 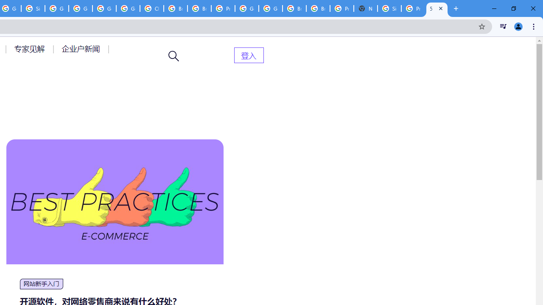 I want to click on 'Browse Chrome as a guest - Computer - Google Chrome Help', so click(x=175, y=8).